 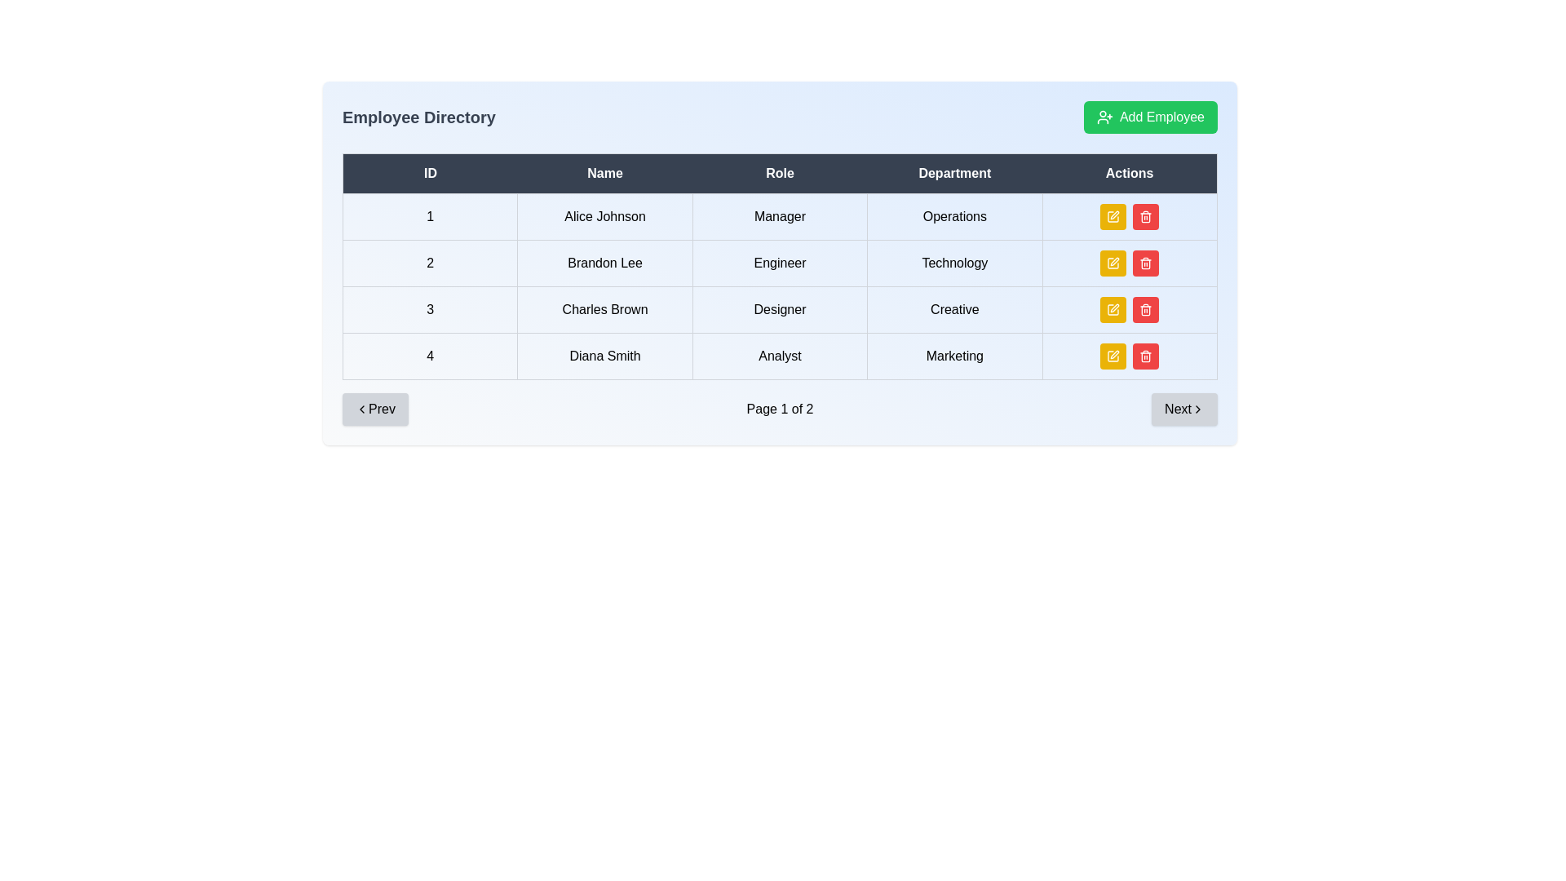 What do you see at coordinates (1145, 216) in the screenshot?
I see `the red delete button with a white trashcan icon located in the last row of the 'Actions' column` at bounding box center [1145, 216].